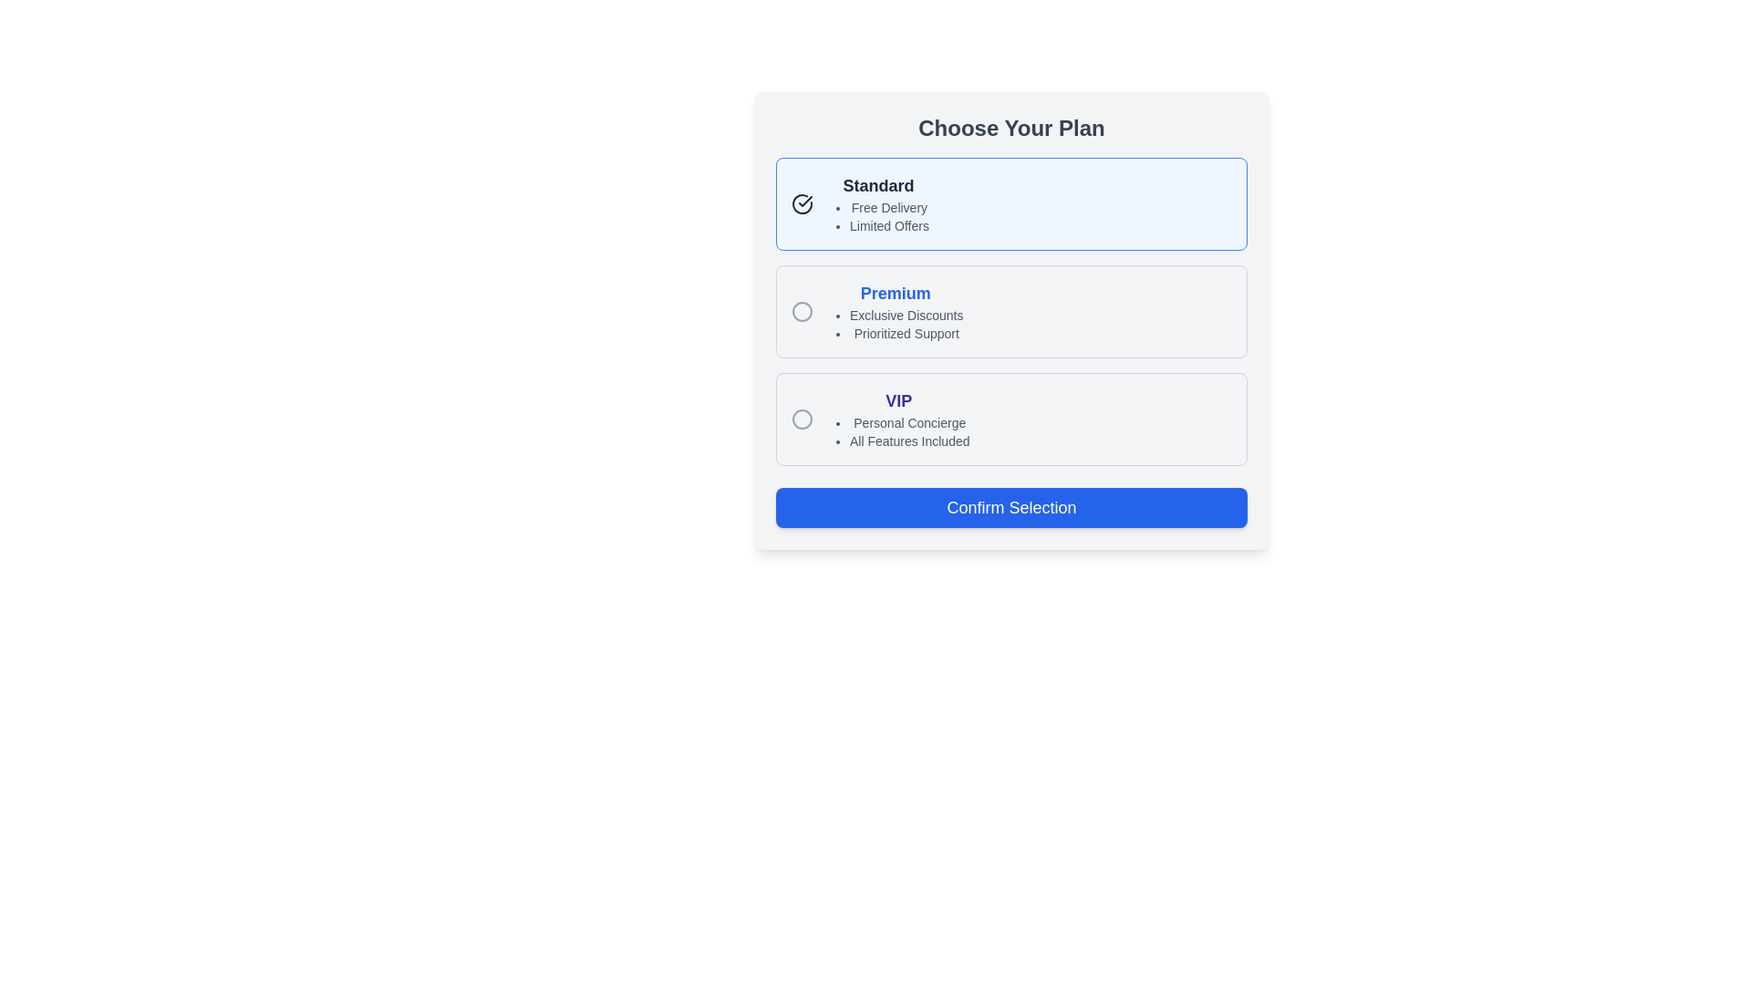 The image size is (1751, 985). I want to click on the text list item that displays 'Exclusive Discounts' and 'Prioritized Support', which is located below the 'Premium' section title and is styled in gray as a bulleted list, so click(907, 323).